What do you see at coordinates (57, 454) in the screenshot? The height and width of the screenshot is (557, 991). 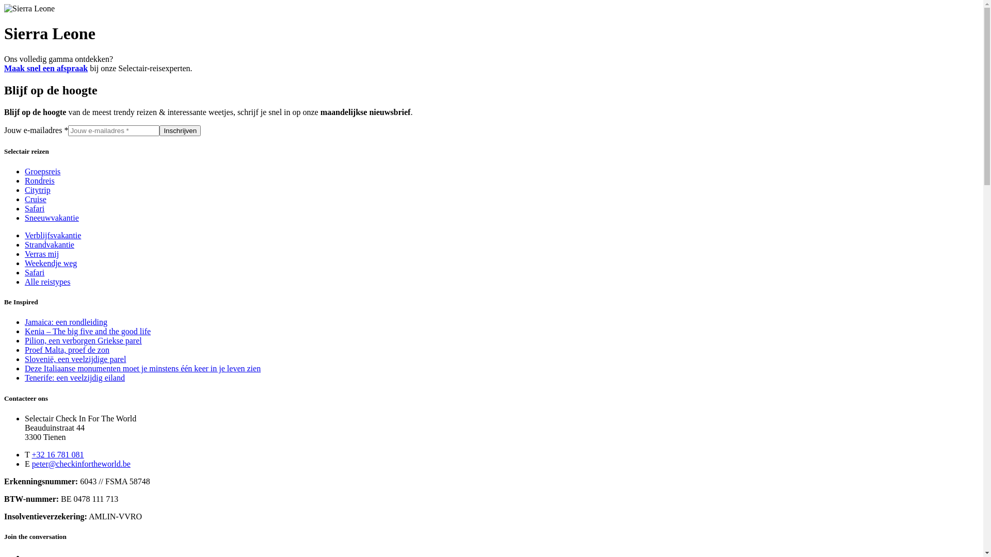 I see `'+32 16 781 081'` at bounding box center [57, 454].